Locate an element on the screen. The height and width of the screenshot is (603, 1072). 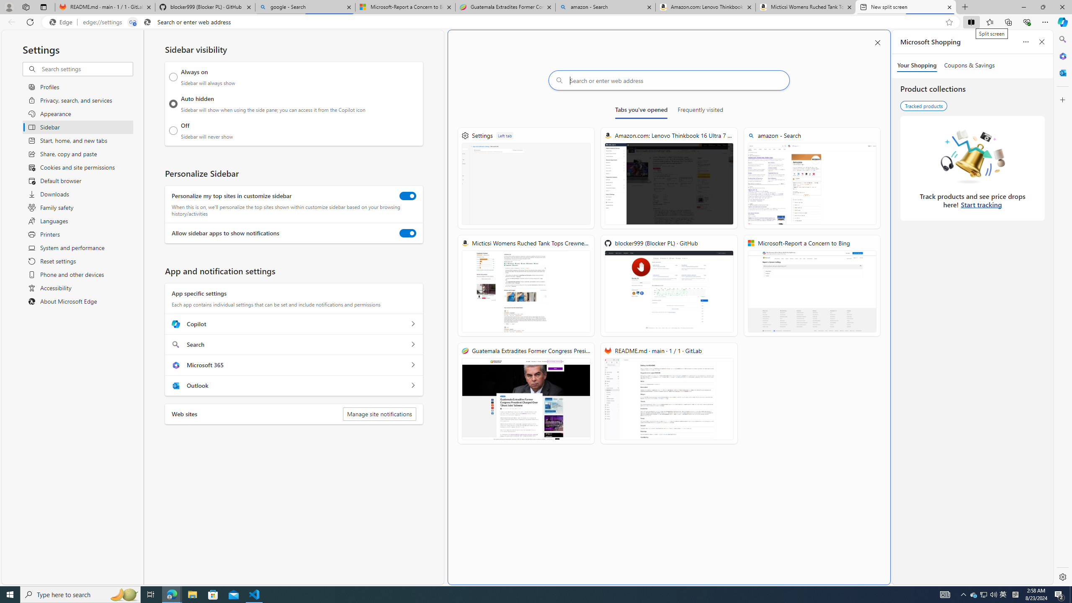
'Tab actions menu' is located at coordinates (43, 7).